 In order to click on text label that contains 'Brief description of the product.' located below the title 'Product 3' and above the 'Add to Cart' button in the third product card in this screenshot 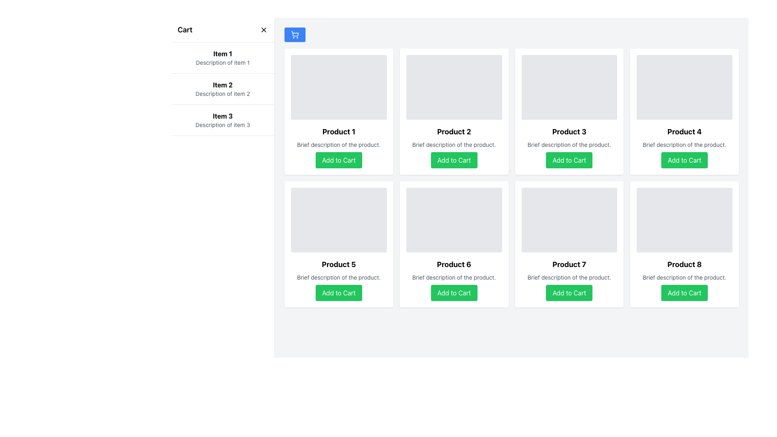, I will do `click(569, 144)`.